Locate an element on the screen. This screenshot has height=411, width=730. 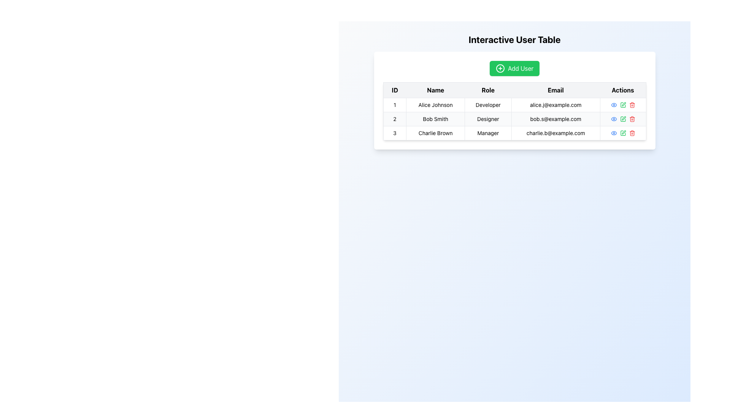
the 'Actions' column header text label, which is located at the top-right corner of the table, adjacent to the 'Email', 'Role', 'Name', and 'ID' headers is located at coordinates (623, 89).